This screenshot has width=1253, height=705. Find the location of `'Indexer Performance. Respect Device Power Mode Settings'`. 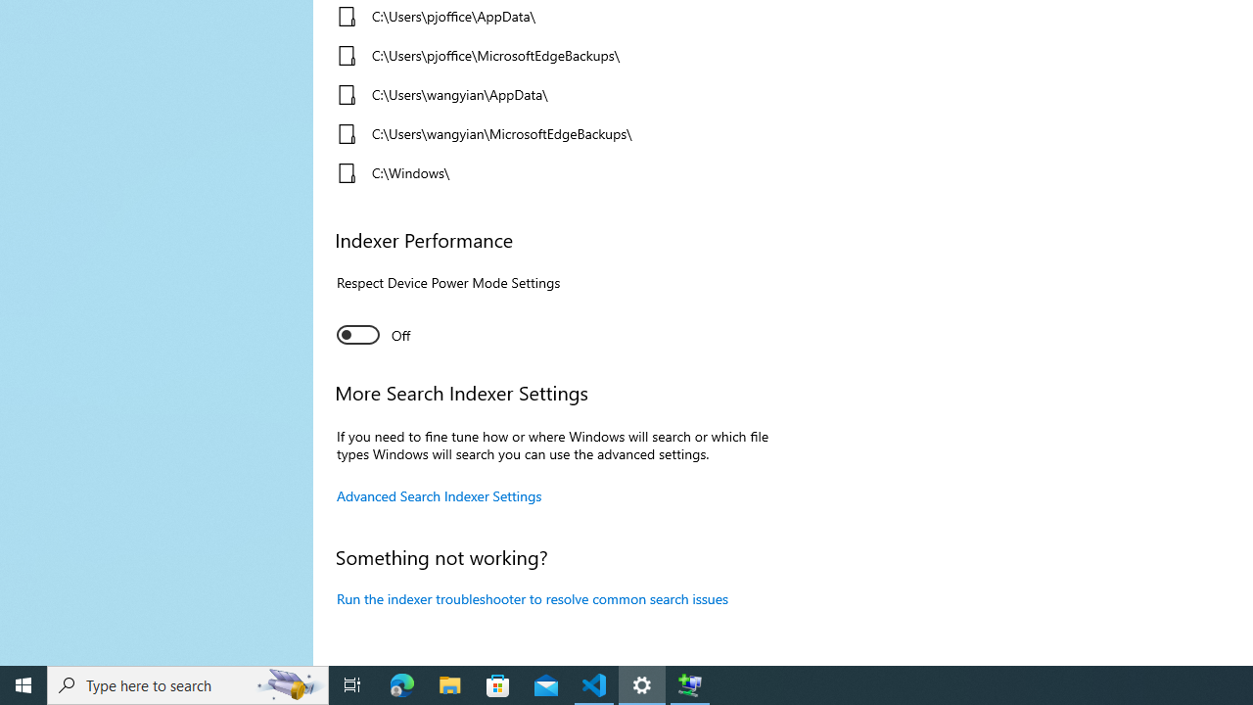

'Indexer Performance. Respect Device Power Mode Settings' is located at coordinates (374, 334).